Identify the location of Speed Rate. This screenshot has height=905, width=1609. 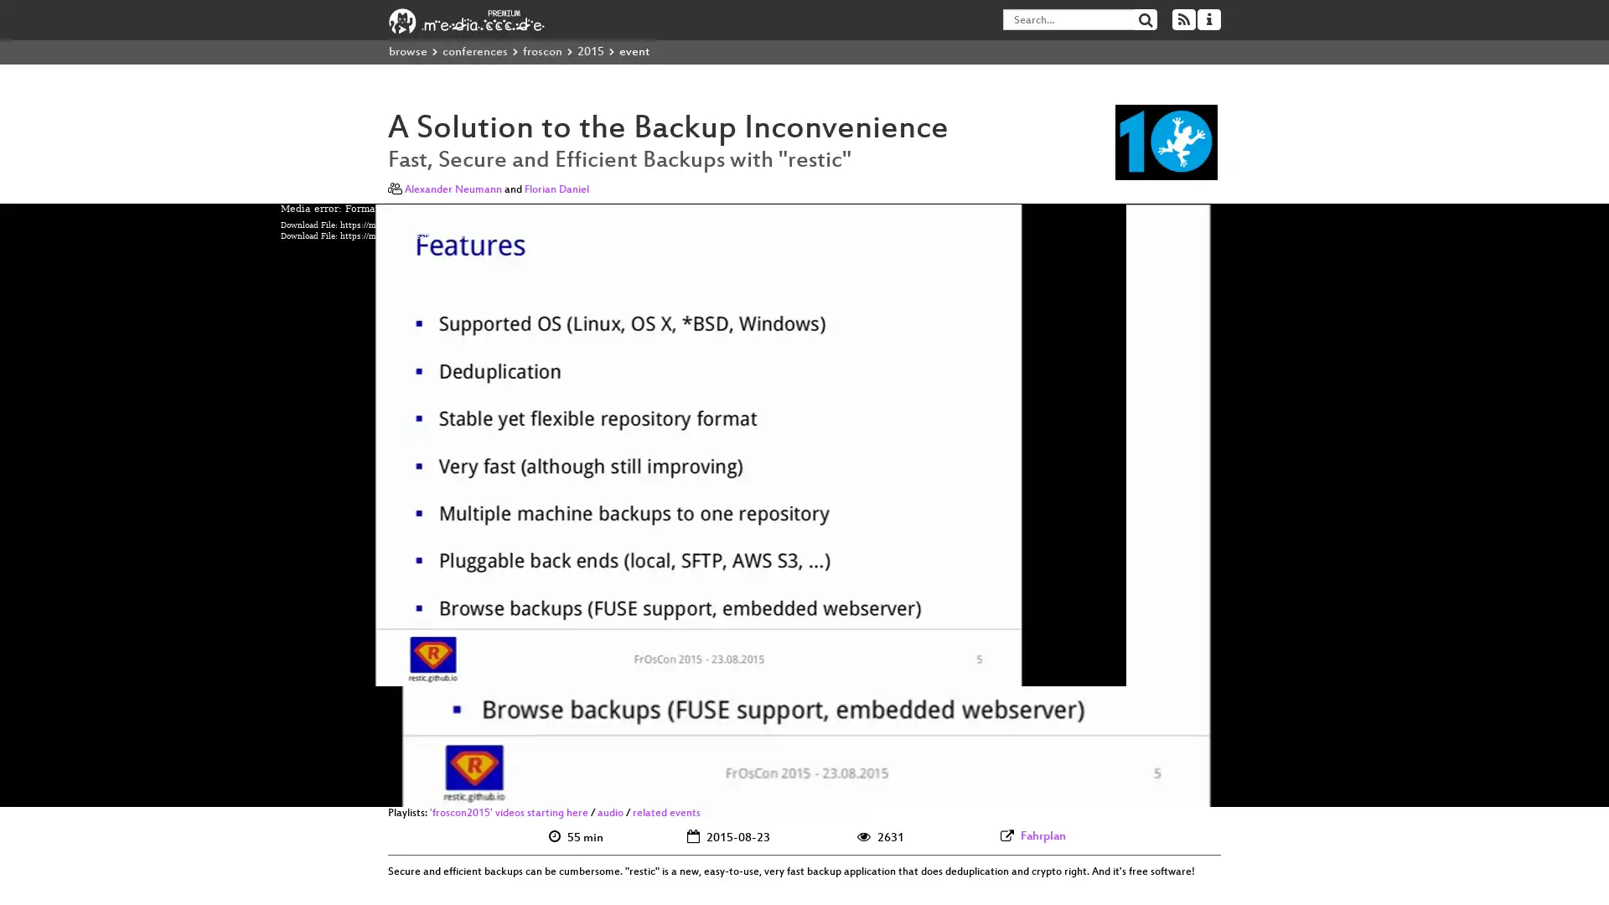
(1267, 789).